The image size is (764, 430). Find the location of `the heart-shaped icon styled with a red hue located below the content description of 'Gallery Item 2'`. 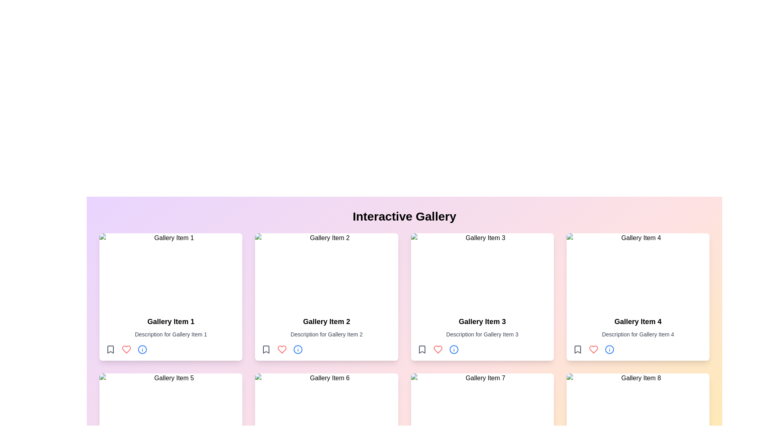

the heart-shaped icon styled with a red hue located below the content description of 'Gallery Item 2' is located at coordinates (282, 349).